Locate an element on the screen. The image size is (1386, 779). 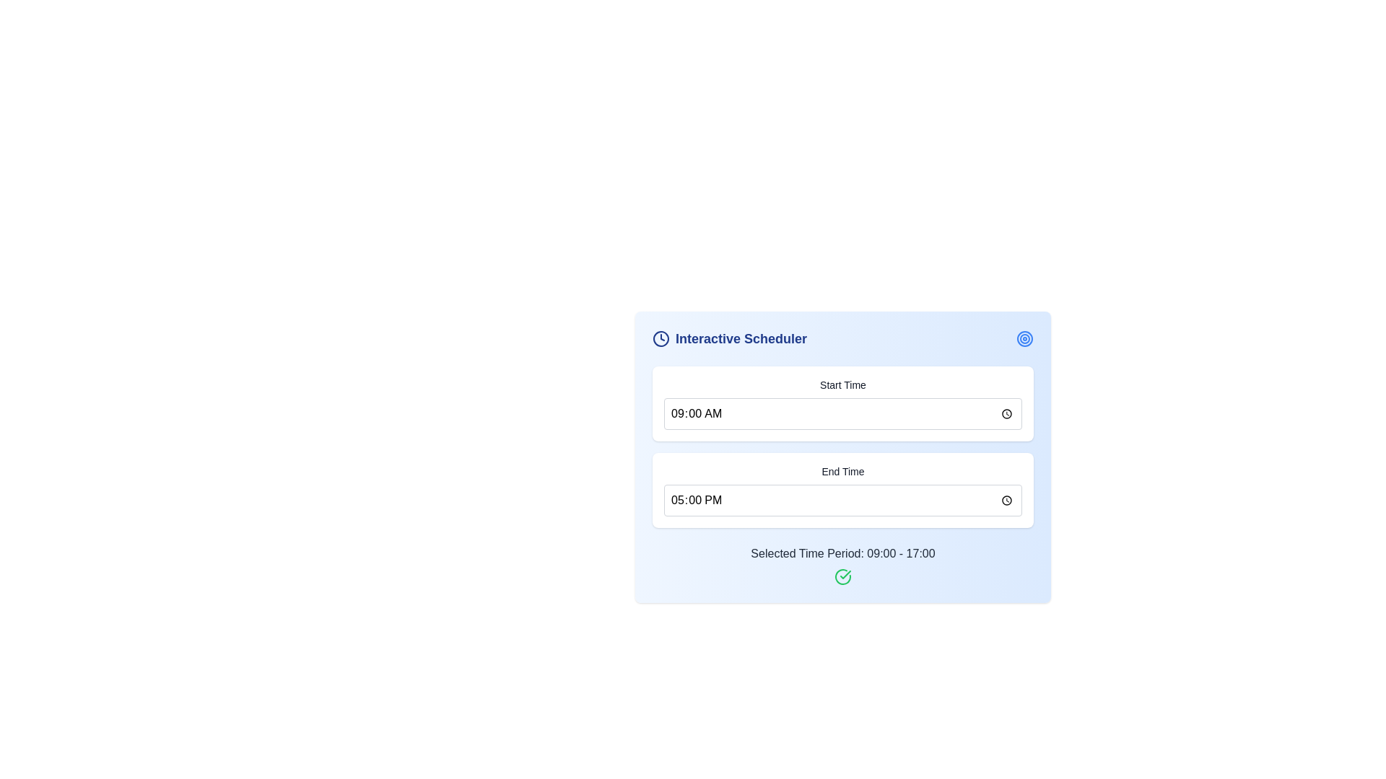
the outermost blue-outline circle of the target icon located in the top-right corner of the 'Interactive Scheduler' card layout is located at coordinates (1024, 339).